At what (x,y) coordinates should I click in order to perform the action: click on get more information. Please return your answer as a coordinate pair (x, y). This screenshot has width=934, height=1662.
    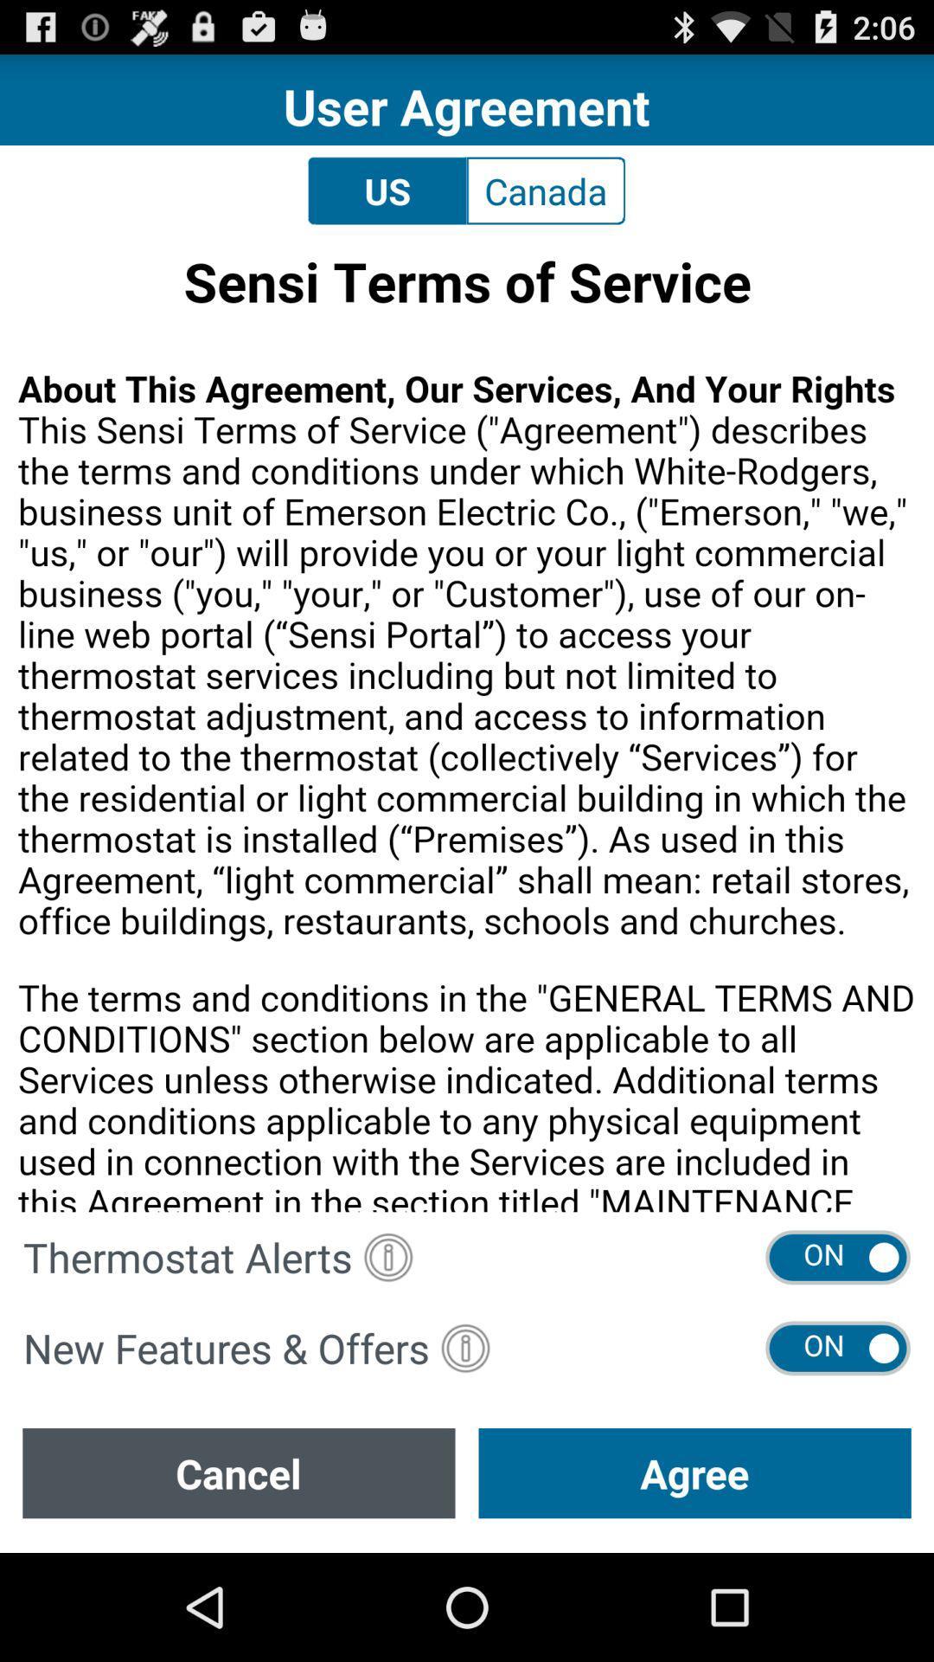
    Looking at the image, I should click on (464, 1347).